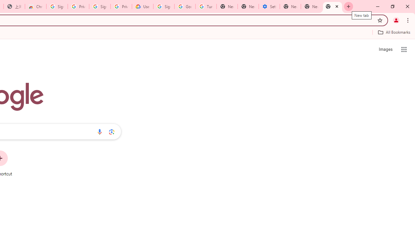 Image resolution: width=415 pixels, height=233 pixels. What do you see at coordinates (99, 131) in the screenshot?
I see `'Search by voice'` at bounding box center [99, 131].